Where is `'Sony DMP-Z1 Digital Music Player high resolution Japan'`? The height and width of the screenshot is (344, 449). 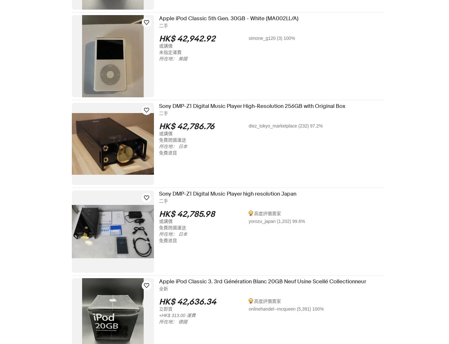
'Sony DMP-Z1 Digital Music Player high resolution Japan' is located at coordinates (232, 194).